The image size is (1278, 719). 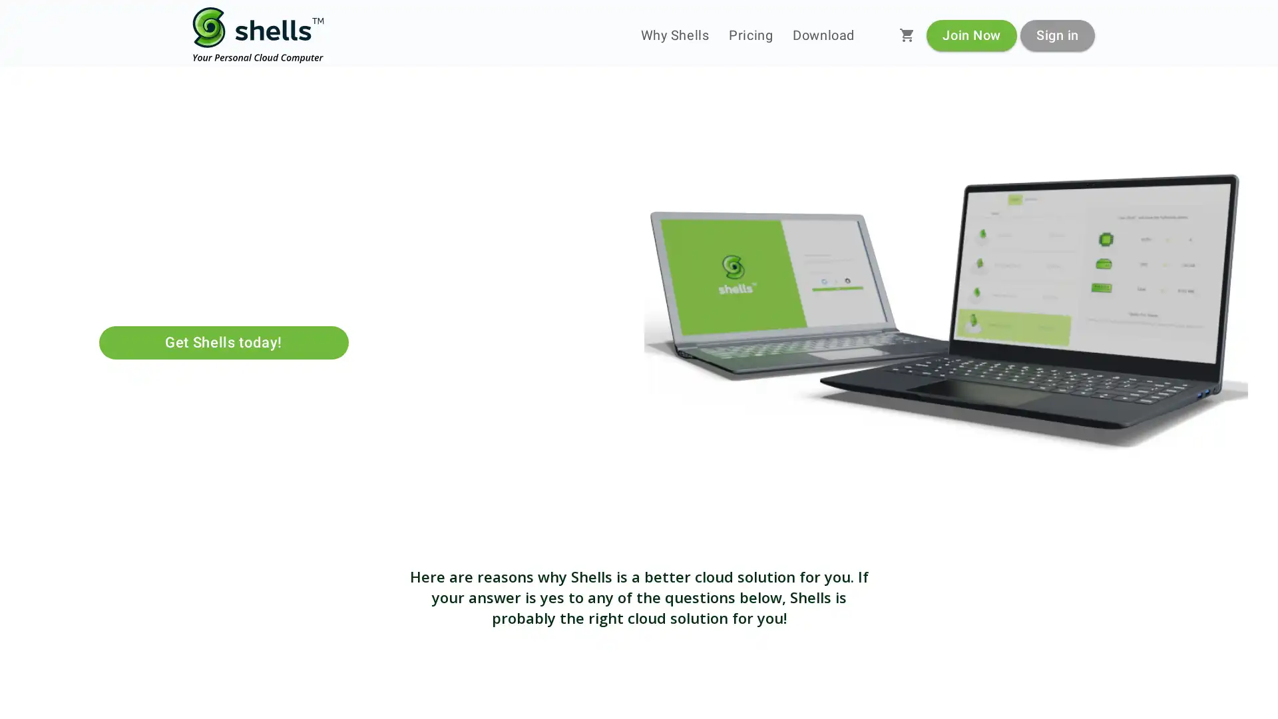 What do you see at coordinates (674, 35) in the screenshot?
I see `Why Shells` at bounding box center [674, 35].